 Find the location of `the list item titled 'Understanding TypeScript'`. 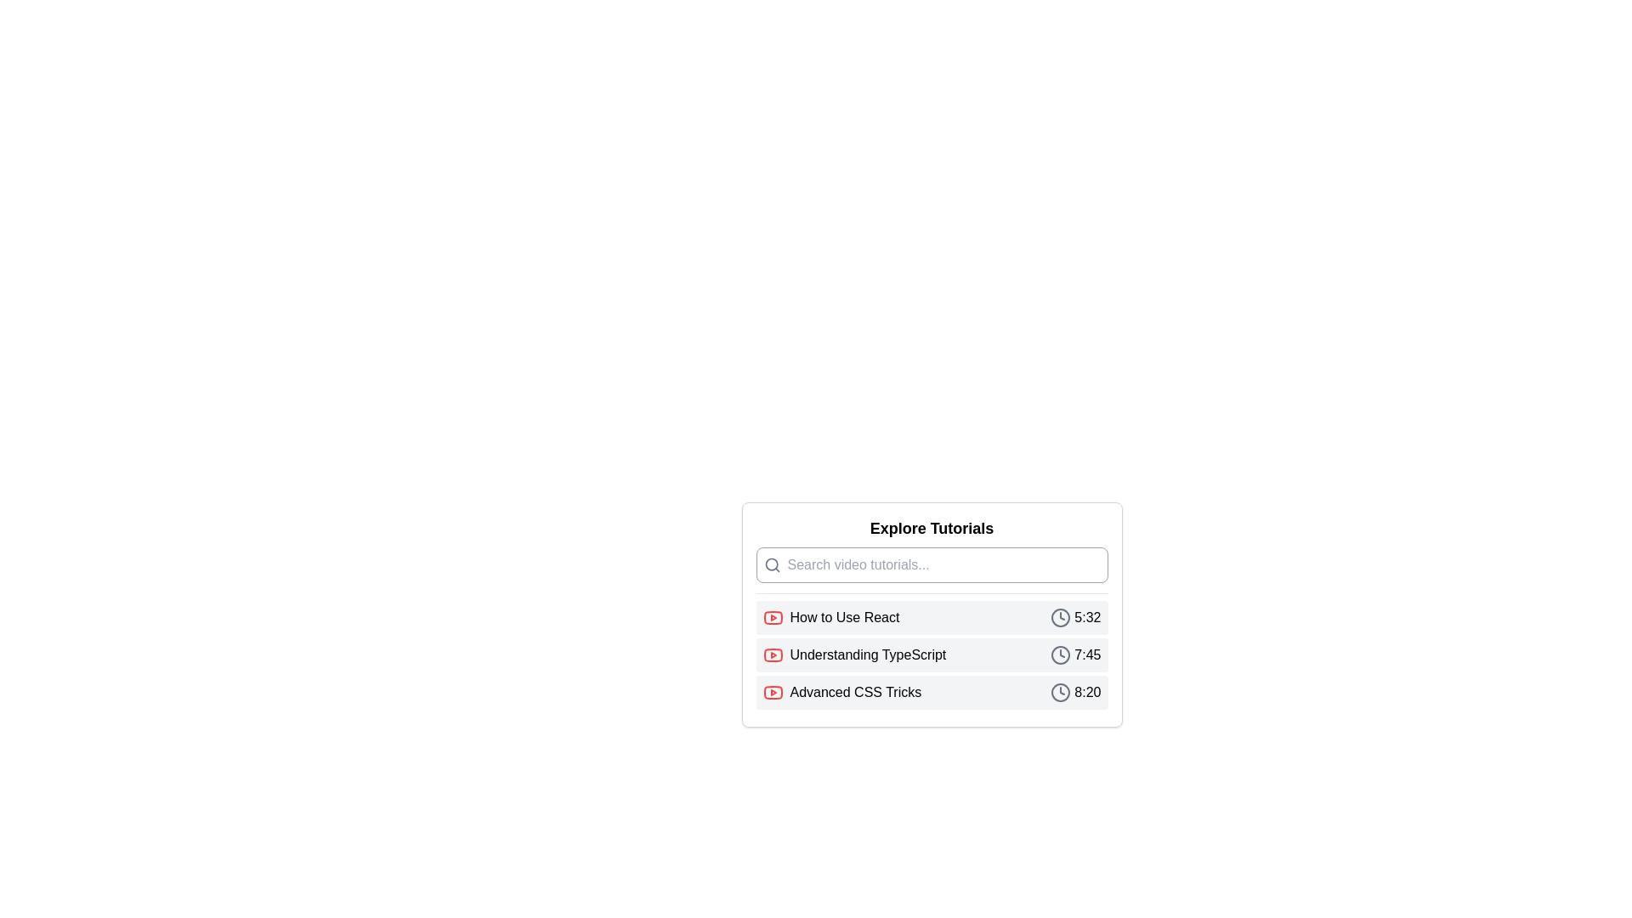

the list item titled 'Understanding TypeScript' is located at coordinates (931, 654).